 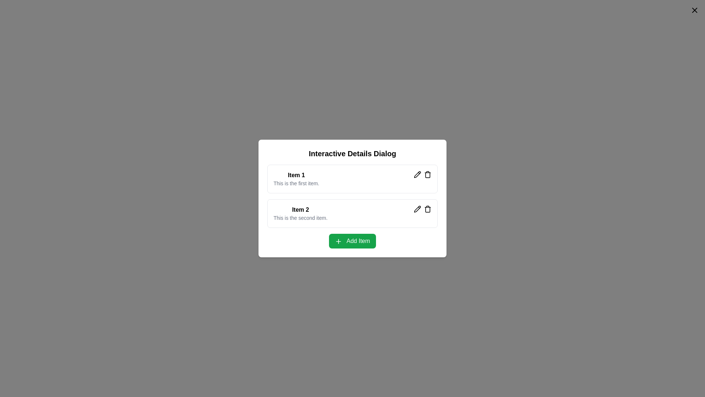 What do you see at coordinates (300, 214) in the screenshot?
I see `the informational text block that contains the phrases 'Item 2' in bold black text and 'This is the second item.' in light gray font, positioned in a centered modal dialog as the second item in a stacked list` at bounding box center [300, 214].